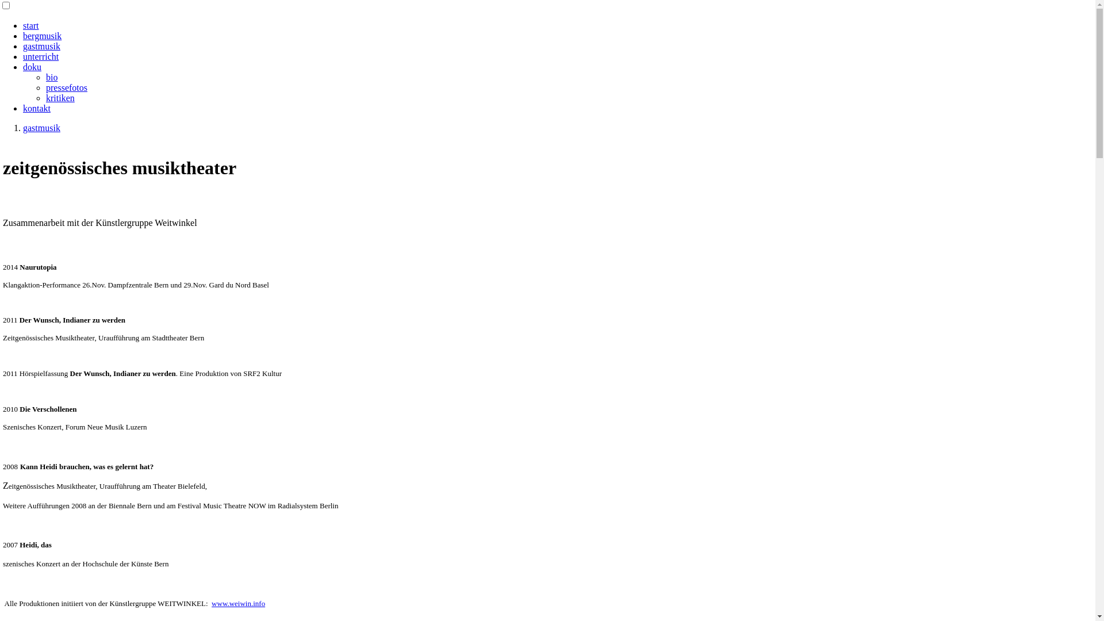 The width and height of the screenshot is (1104, 621). I want to click on 'start', so click(30, 25).